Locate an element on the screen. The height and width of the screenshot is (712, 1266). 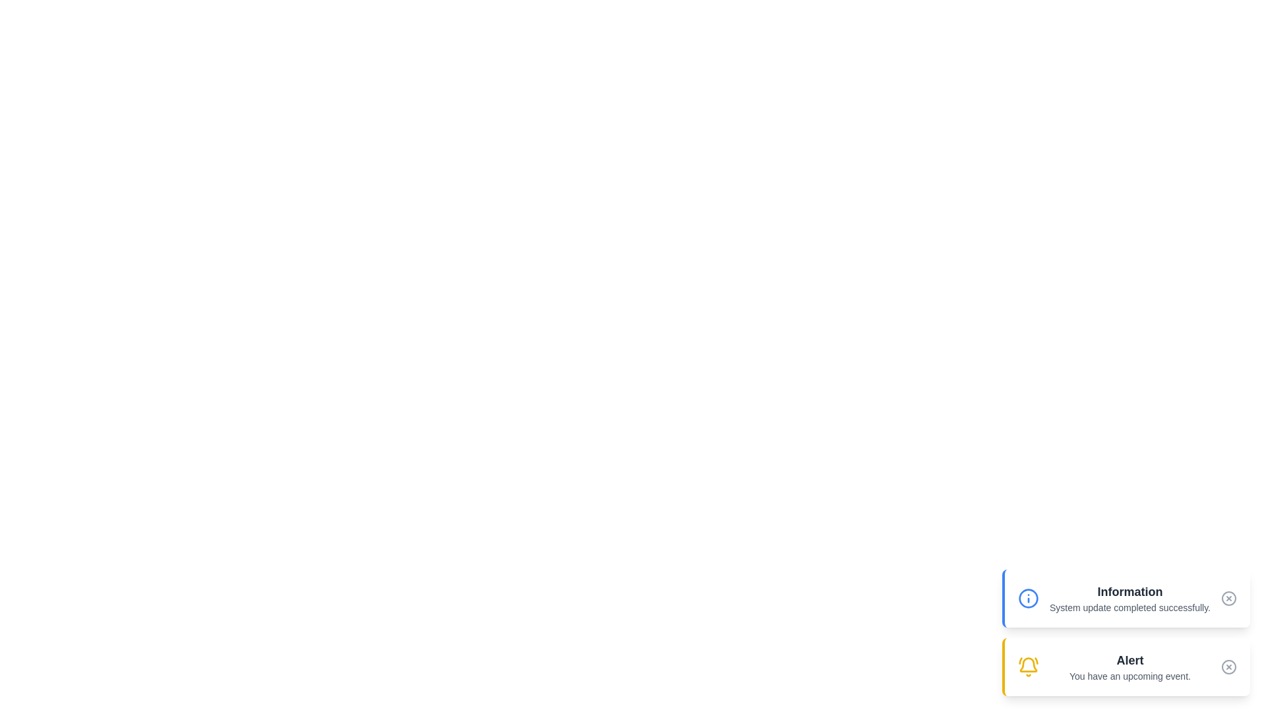
close button on the notification with Information is located at coordinates (1228, 598).